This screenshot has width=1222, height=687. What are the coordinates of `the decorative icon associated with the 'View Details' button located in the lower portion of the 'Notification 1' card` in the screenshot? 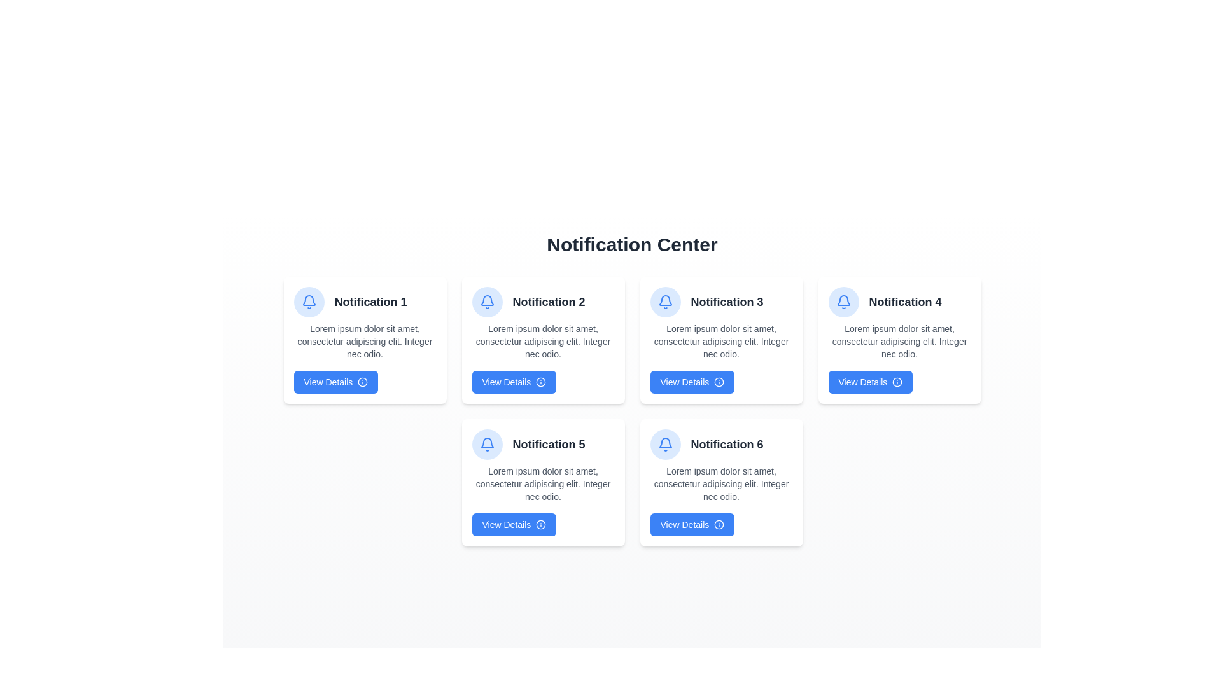 It's located at (362, 382).